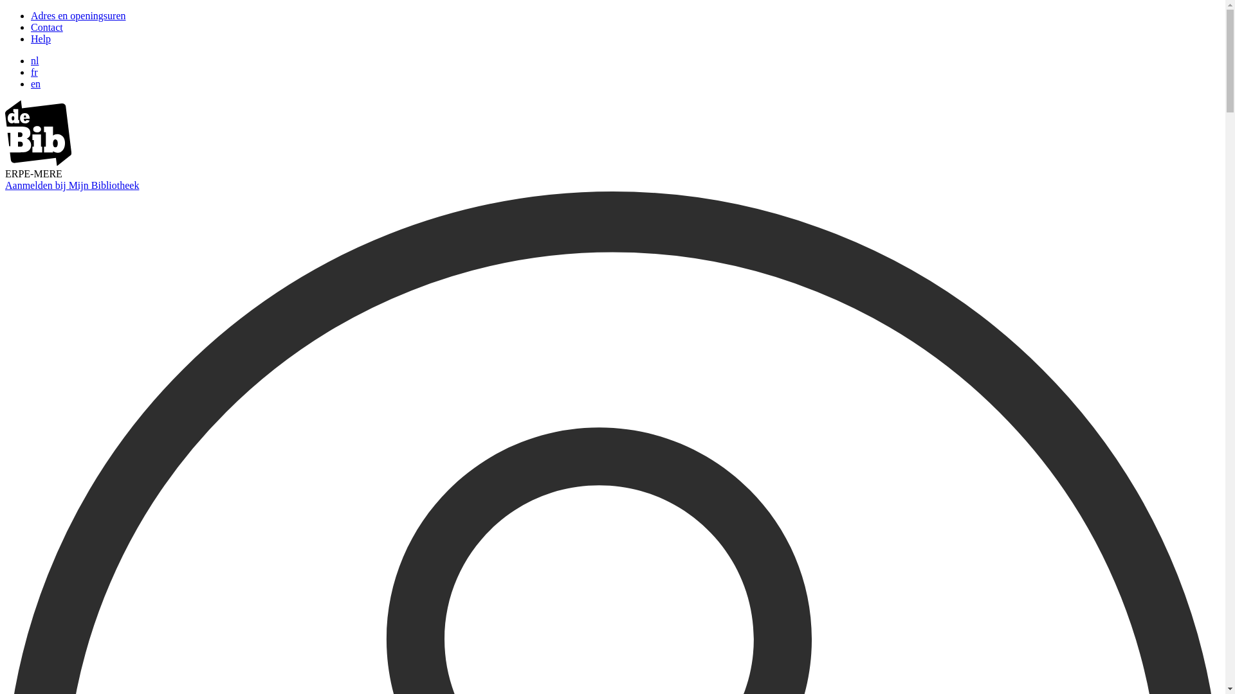 The image size is (1235, 694). Describe the element at coordinates (34, 72) in the screenshot. I see `'fr'` at that location.